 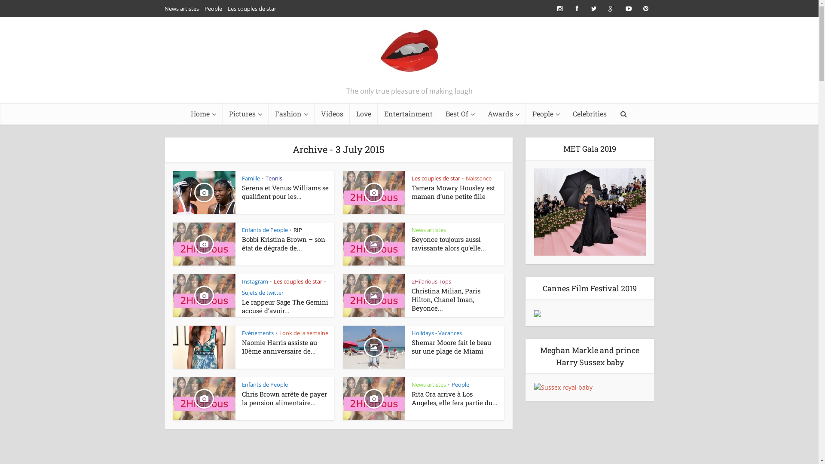 I want to click on 'Fashion', so click(x=268, y=113).